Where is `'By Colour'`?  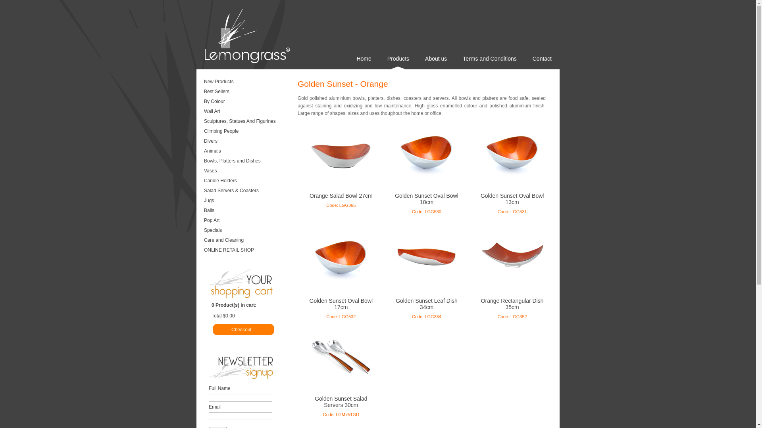 'By Colour' is located at coordinates (202, 102).